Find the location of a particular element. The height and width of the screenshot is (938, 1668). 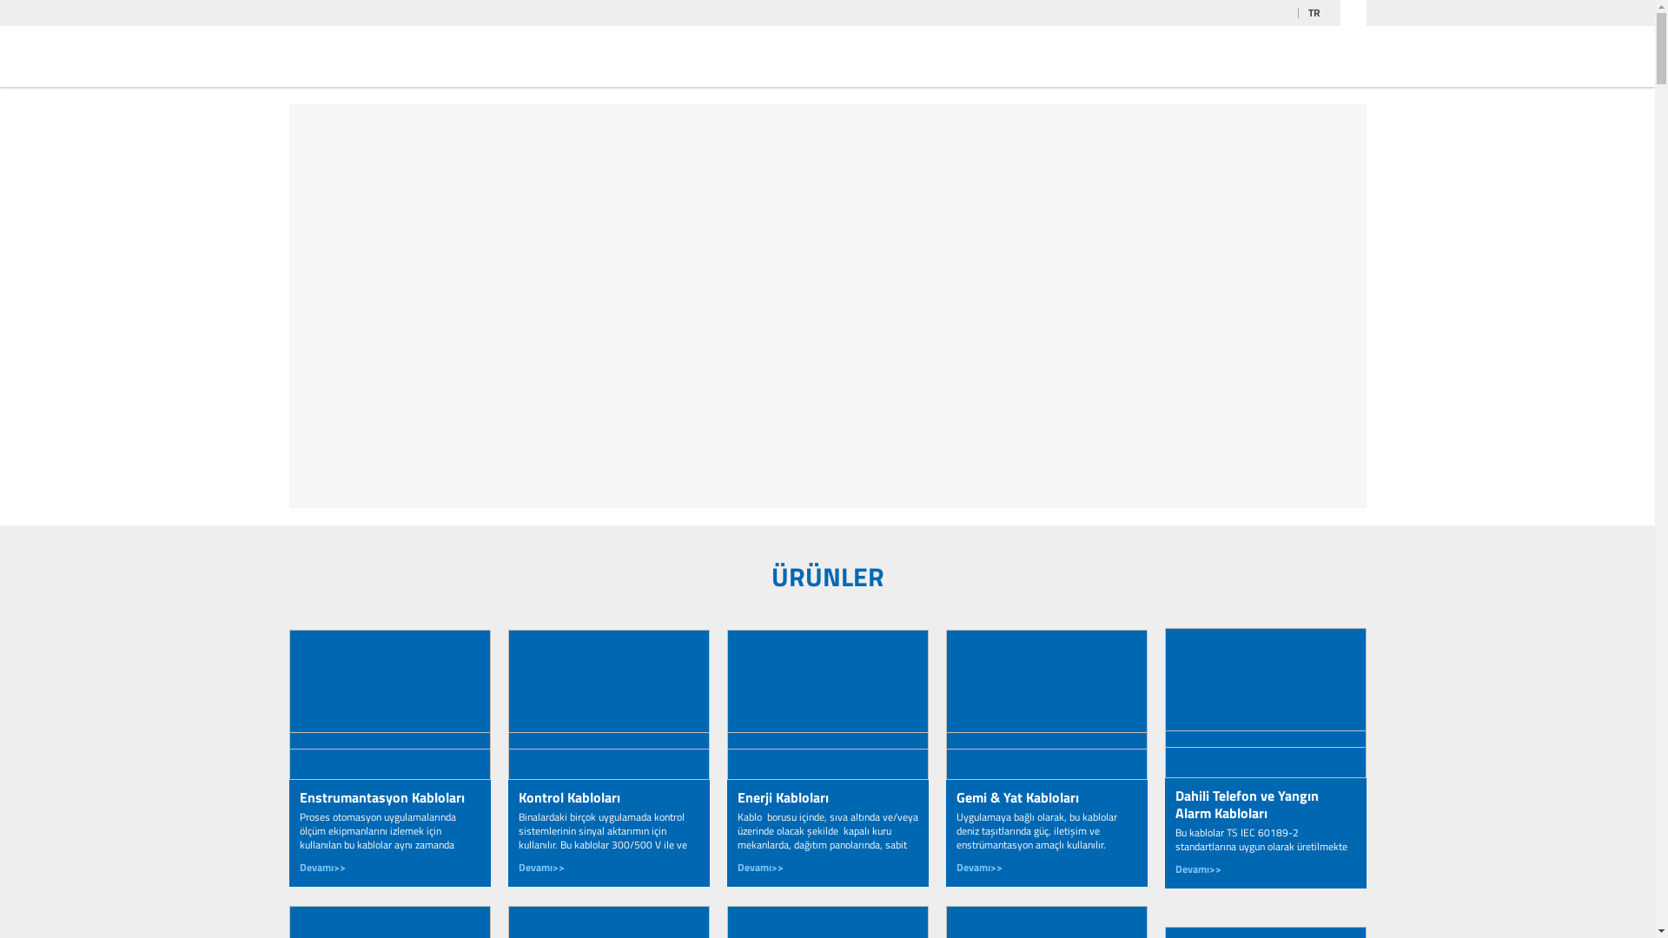

'INSTAGRAM' is located at coordinates (1229, 13).